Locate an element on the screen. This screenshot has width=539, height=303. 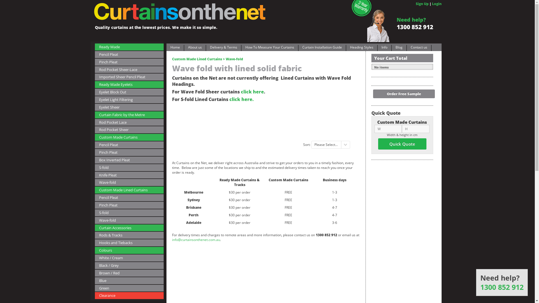
'Black / Grey' is located at coordinates (95, 265).